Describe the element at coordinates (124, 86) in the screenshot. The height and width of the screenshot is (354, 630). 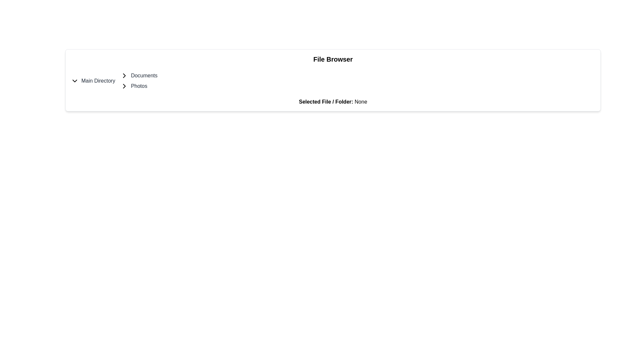
I see `the rightward chevron arrow indicating expandability next to the 'Photos' label in the file browser listing` at that location.